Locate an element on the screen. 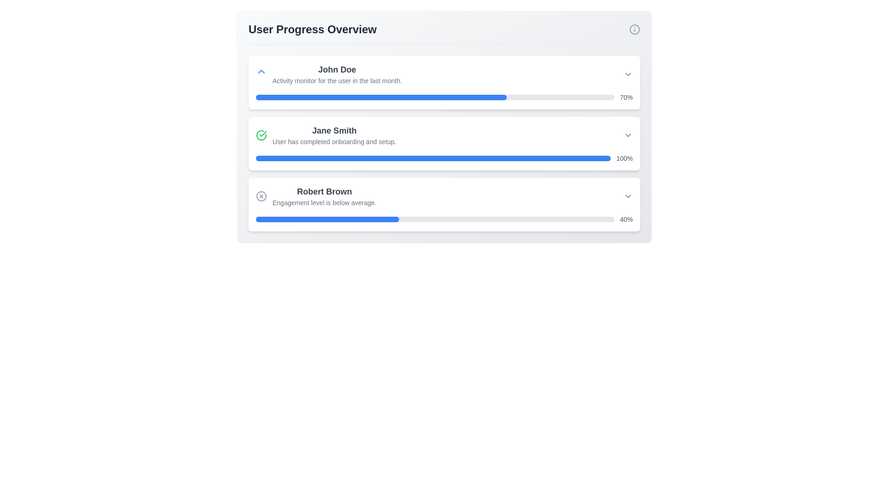 This screenshot has height=499, width=887. percentage value from the Progress bar located at the bottom of the 'Robert Brown' card, which indicates 40% completion is located at coordinates (444, 219).